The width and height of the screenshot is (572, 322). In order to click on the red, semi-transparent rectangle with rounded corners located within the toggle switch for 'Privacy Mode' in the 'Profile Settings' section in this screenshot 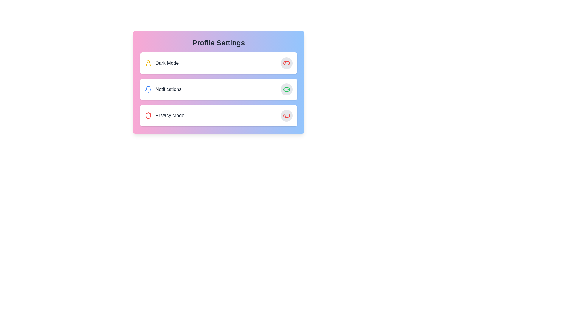, I will do `click(286, 116)`.